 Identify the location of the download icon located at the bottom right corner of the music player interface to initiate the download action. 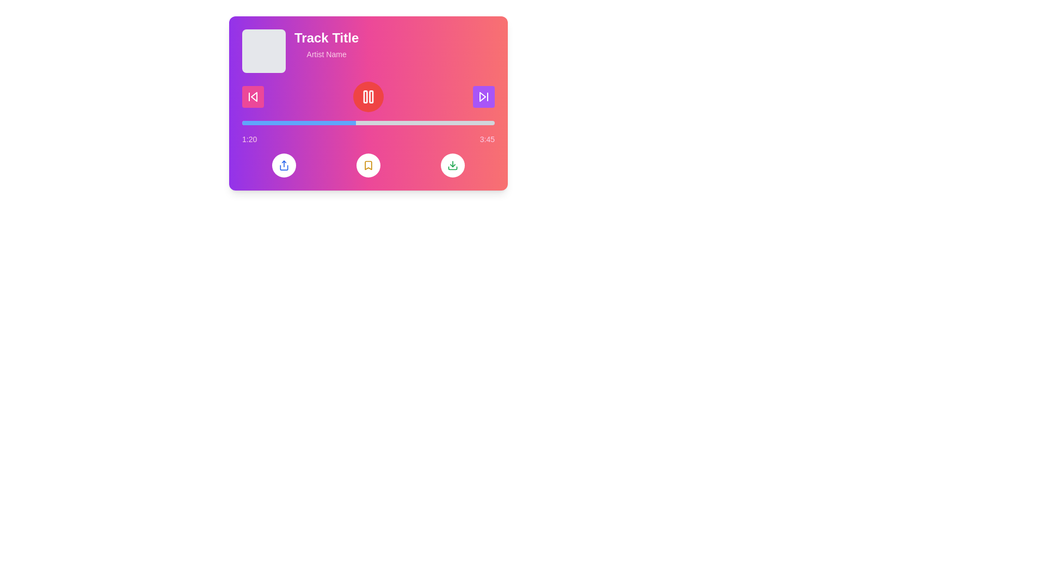
(452, 166).